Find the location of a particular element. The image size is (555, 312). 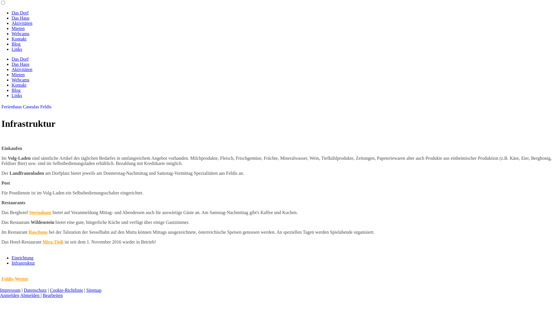

'Blog' is located at coordinates (16, 90).